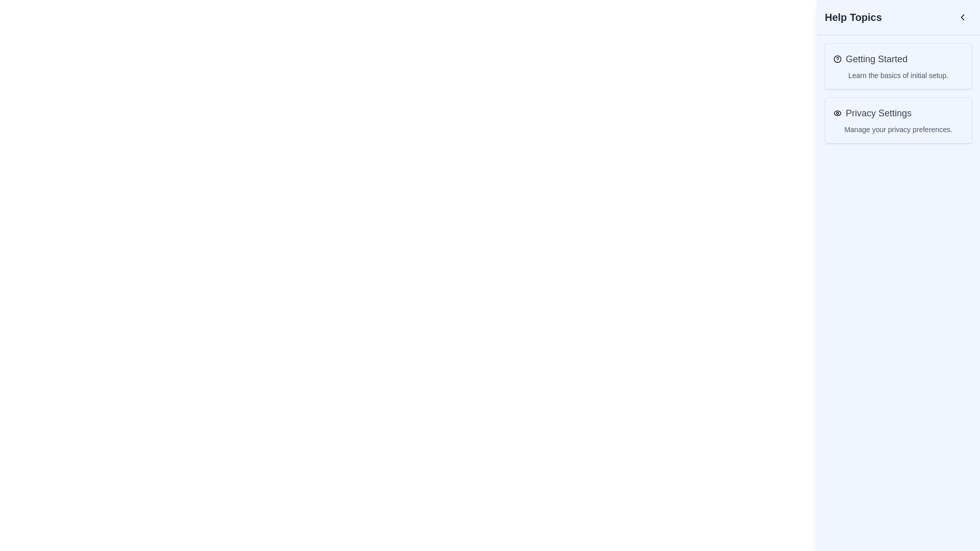 This screenshot has width=980, height=551. What do you see at coordinates (962, 17) in the screenshot?
I see `the small, leftward-pointing arrow icon in the top-right corner of the 'Help Topics' header` at bounding box center [962, 17].